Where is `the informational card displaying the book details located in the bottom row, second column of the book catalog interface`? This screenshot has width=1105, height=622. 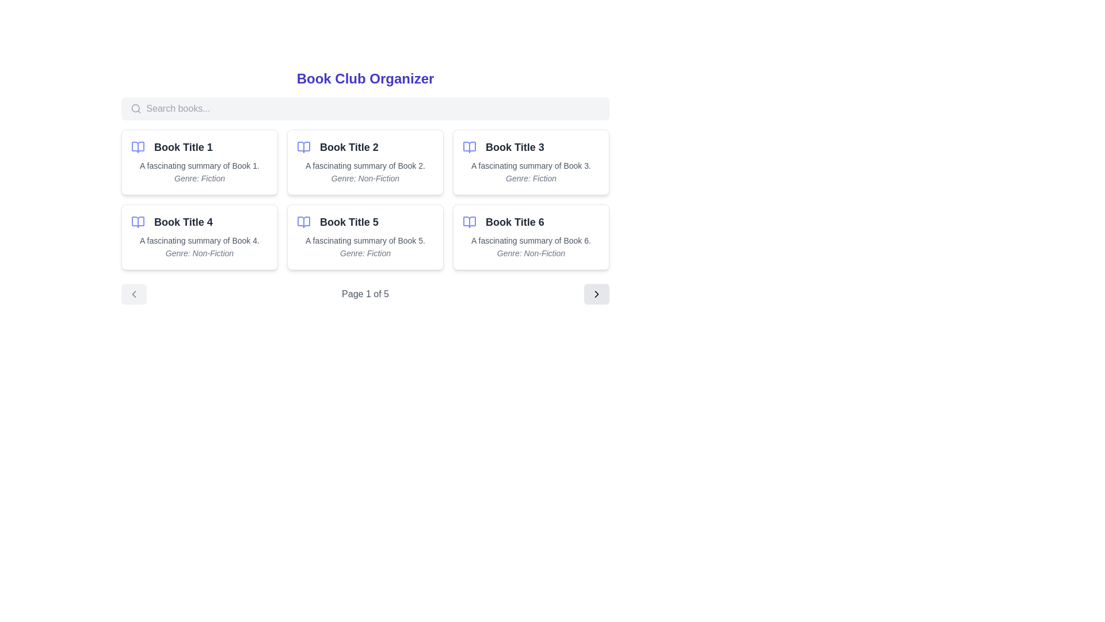 the informational card displaying the book details located in the bottom row, second column of the book catalog interface is located at coordinates (364, 237).